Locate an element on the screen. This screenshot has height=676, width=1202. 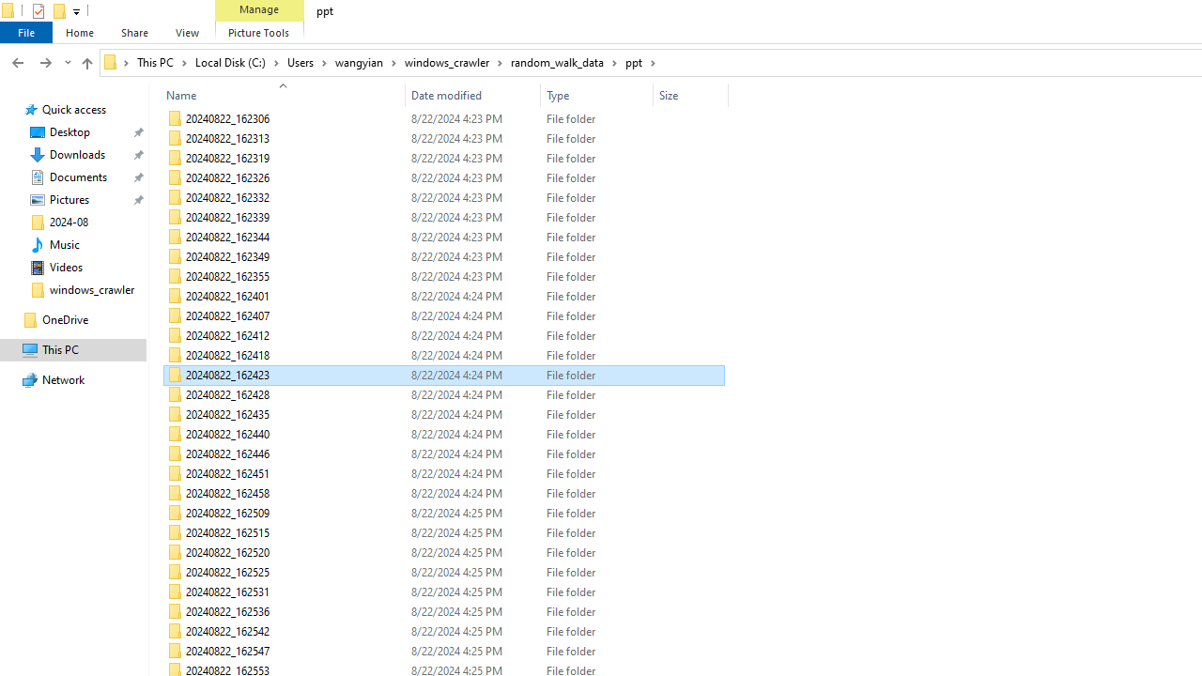
'20240822_162428' is located at coordinates (442, 393).